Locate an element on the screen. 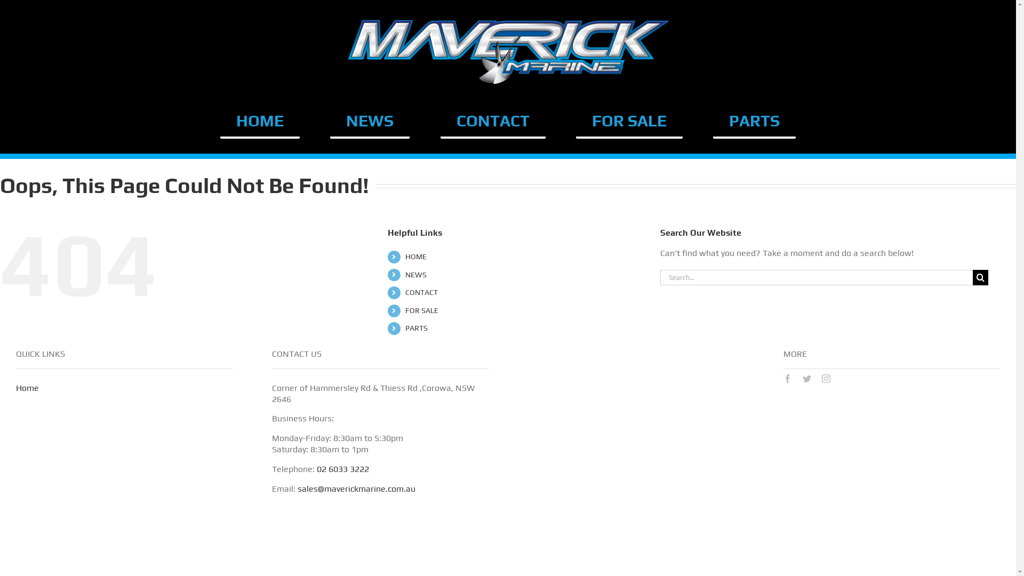 The width and height of the screenshot is (1024, 576). 'NEWS' is located at coordinates (415, 274).